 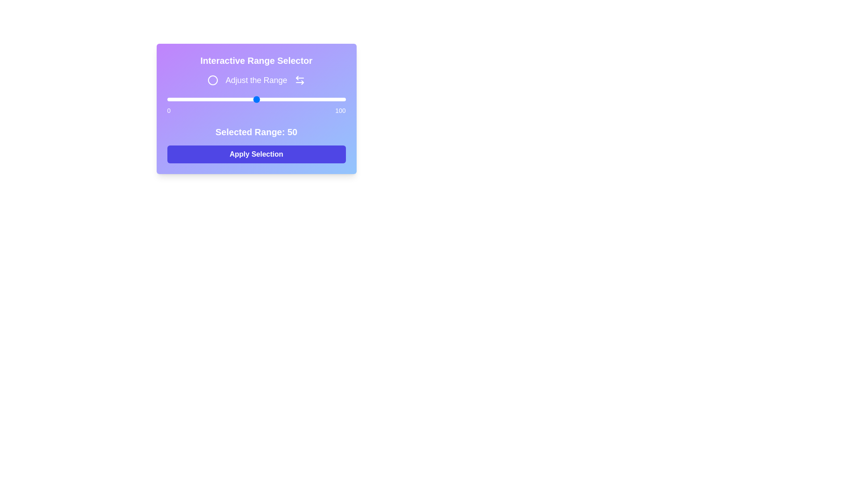 What do you see at coordinates (226, 100) in the screenshot?
I see `the slider to set the range to 33` at bounding box center [226, 100].